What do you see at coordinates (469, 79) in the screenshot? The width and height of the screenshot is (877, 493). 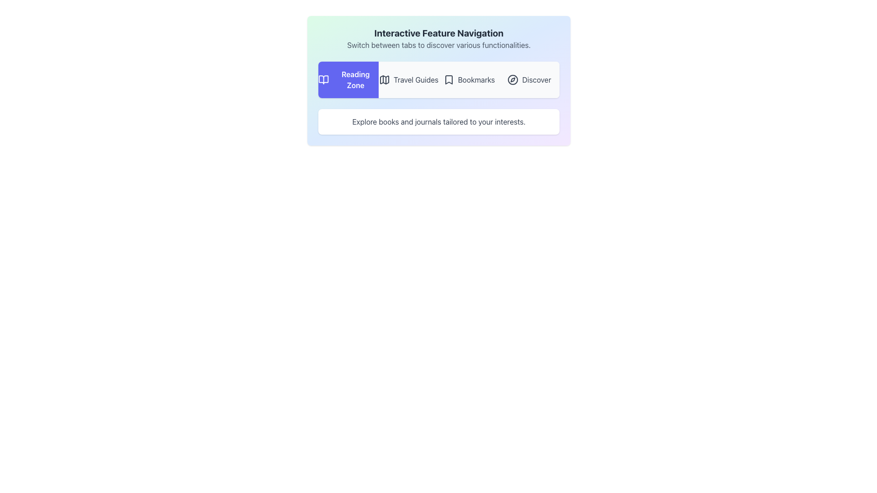 I see `the 'Bookmarks' button located in the third position of the horizontal navigation bar` at bounding box center [469, 79].